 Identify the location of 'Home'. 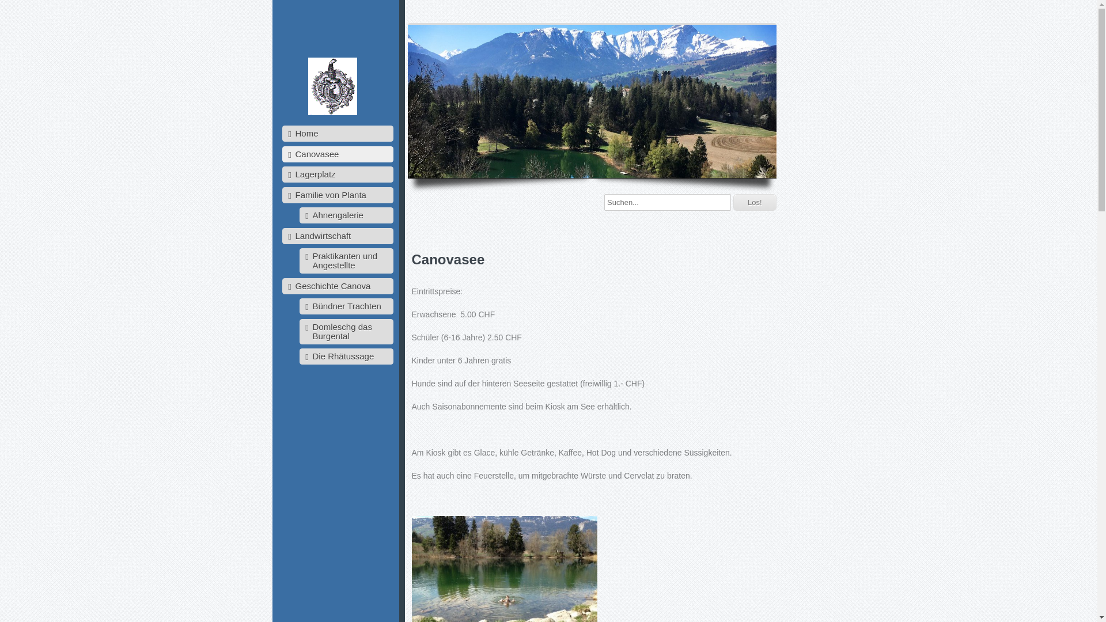
(337, 132).